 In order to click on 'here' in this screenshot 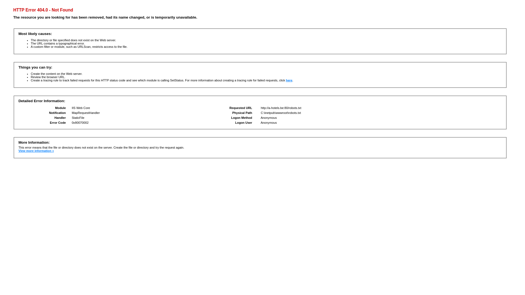, I will do `click(289, 80)`.